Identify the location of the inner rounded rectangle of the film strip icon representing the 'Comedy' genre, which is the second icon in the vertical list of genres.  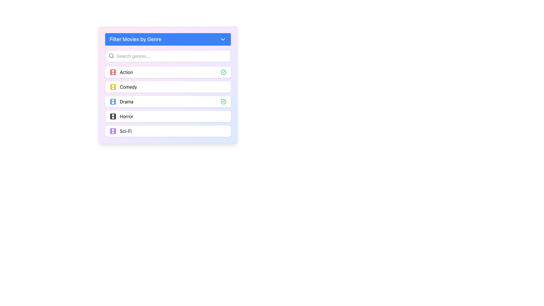
(113, 87).